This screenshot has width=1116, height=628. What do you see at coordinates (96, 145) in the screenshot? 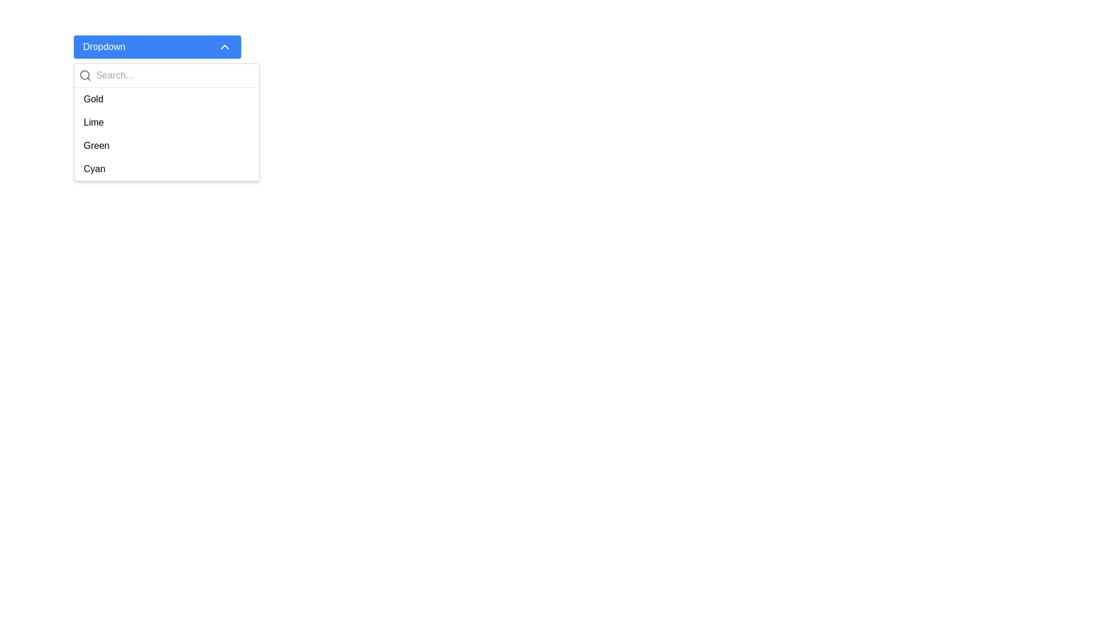
I see `the 'Green' option in the dropdown menu list, which is the third item beneath the search bar` at bounding box center [96, 145].